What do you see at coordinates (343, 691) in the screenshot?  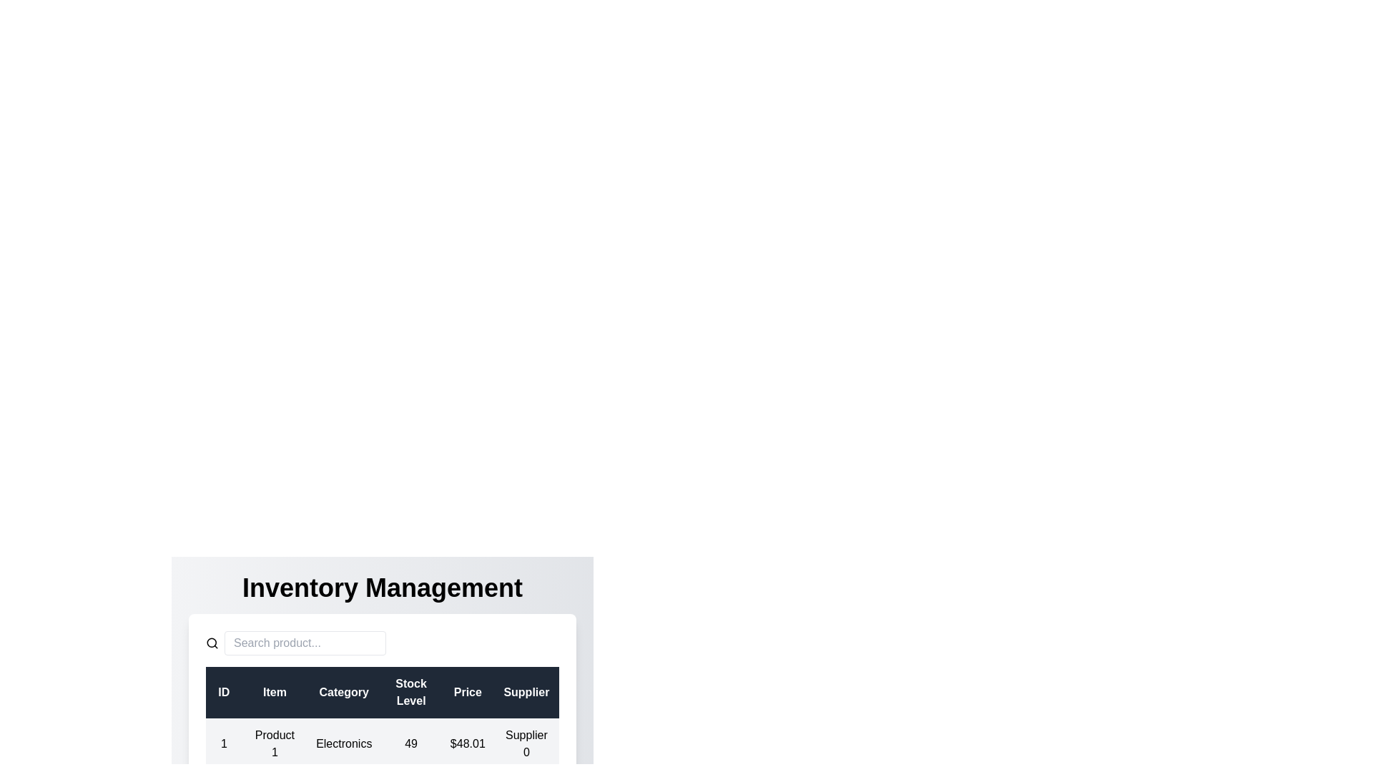 I see `the column header Category to sort the data by that column` at bounding box center [343, 691].